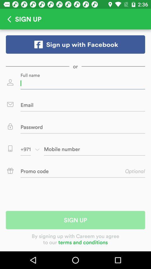 The image size is (151, 269). I want to click on use facebook login, so click(75, 44).